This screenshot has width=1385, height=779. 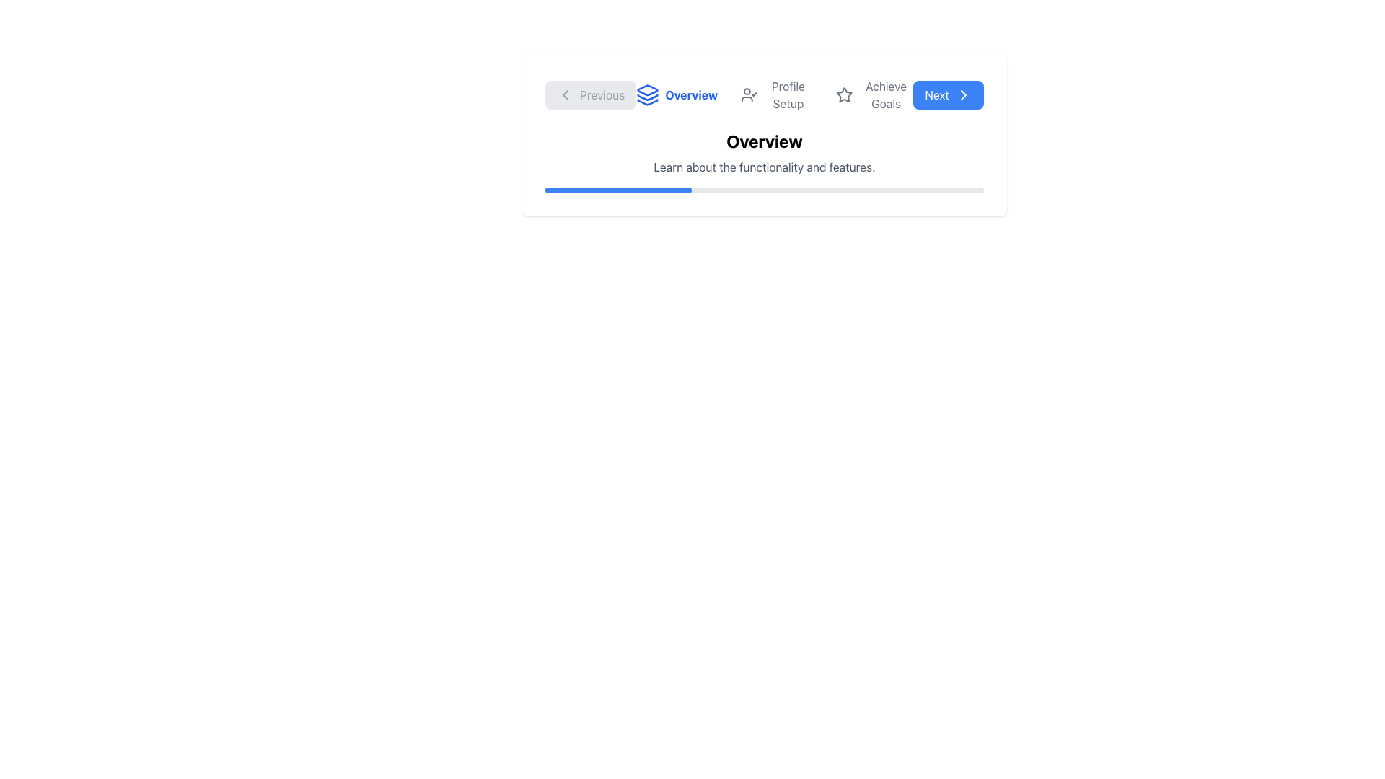 What do you see at coordinates (764, 153) in the screenshot?
I see `text content of the central Text block which contains a header and subtext, positioned below the navigation section and above a horizontal progress bar` at bounding box center [764, 153].